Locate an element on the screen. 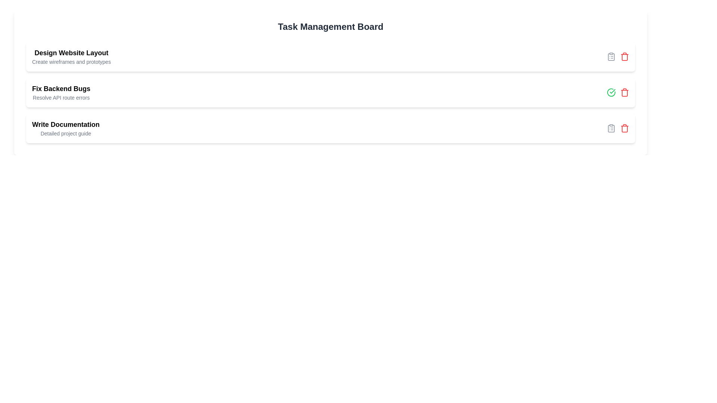 This screenshot has width=717, height=403. the delete icon for the task titled 'Design Website Layout' is located at coordinates (625, 56).